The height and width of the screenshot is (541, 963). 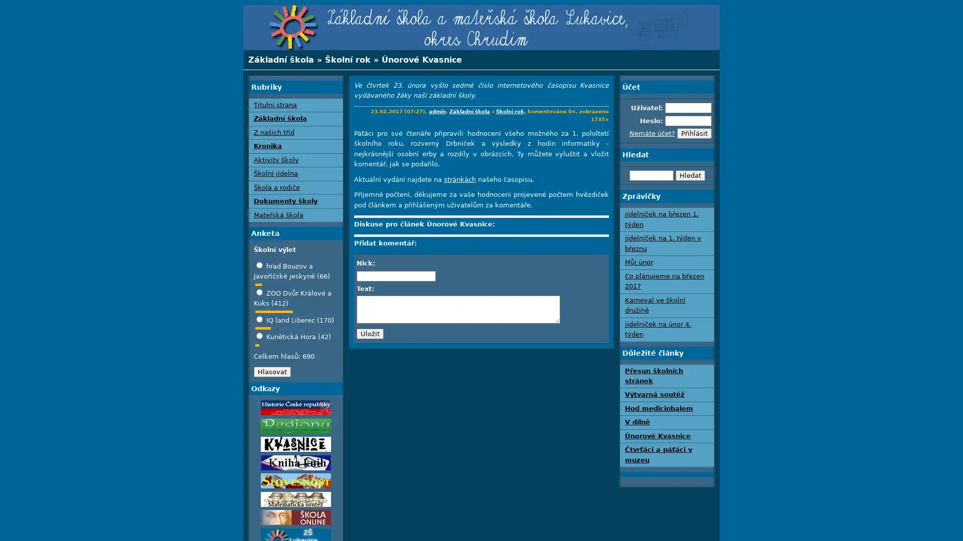 What do you see at coordinates (370, 334) in the screenshot?
I see `Ulozit` at bounding box center [370, 334].